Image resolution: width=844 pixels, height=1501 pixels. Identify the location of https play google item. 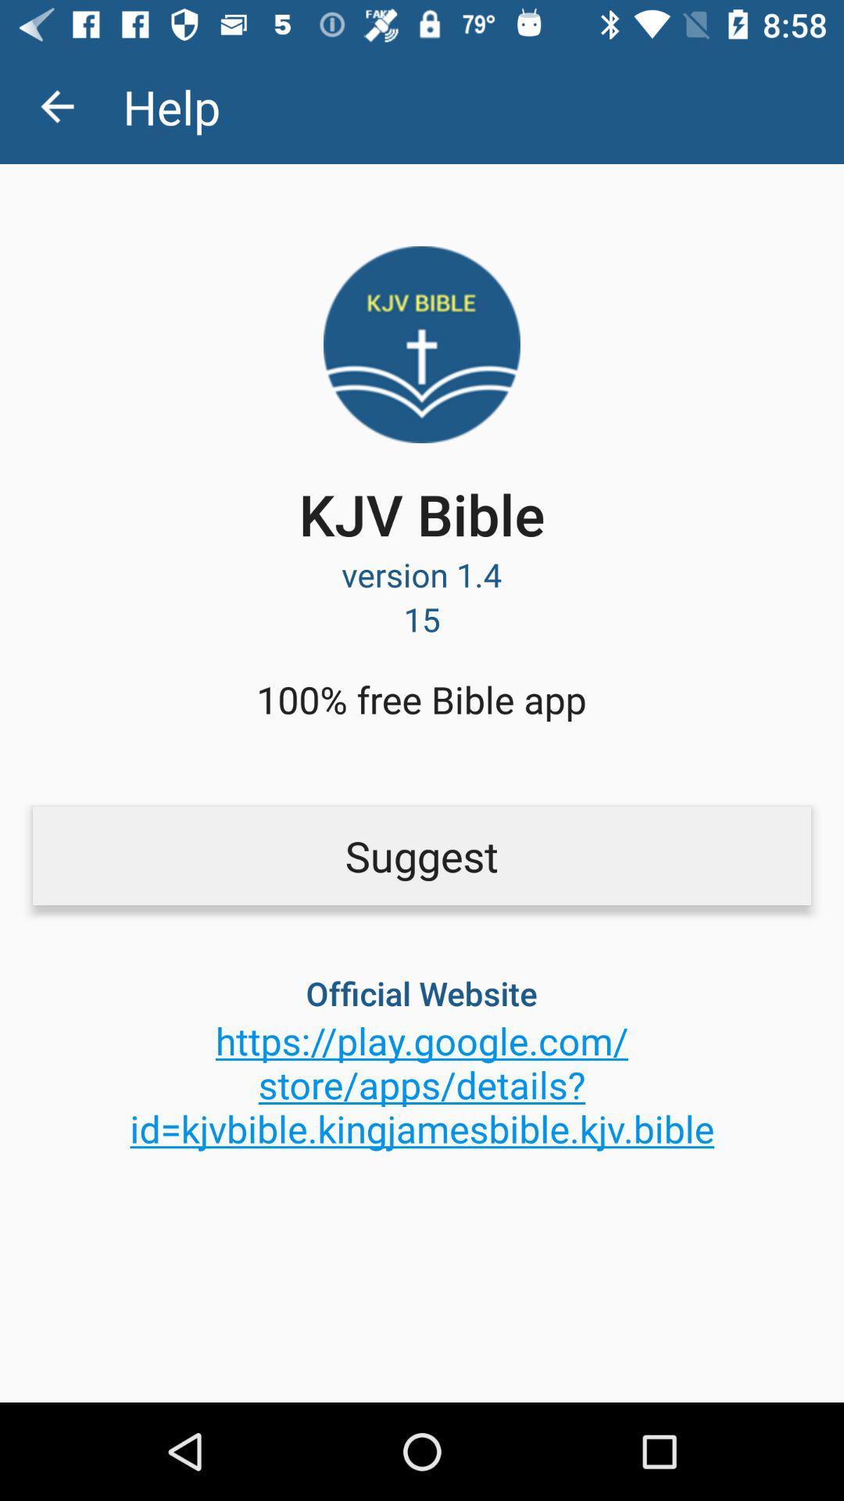
(422, 1084).